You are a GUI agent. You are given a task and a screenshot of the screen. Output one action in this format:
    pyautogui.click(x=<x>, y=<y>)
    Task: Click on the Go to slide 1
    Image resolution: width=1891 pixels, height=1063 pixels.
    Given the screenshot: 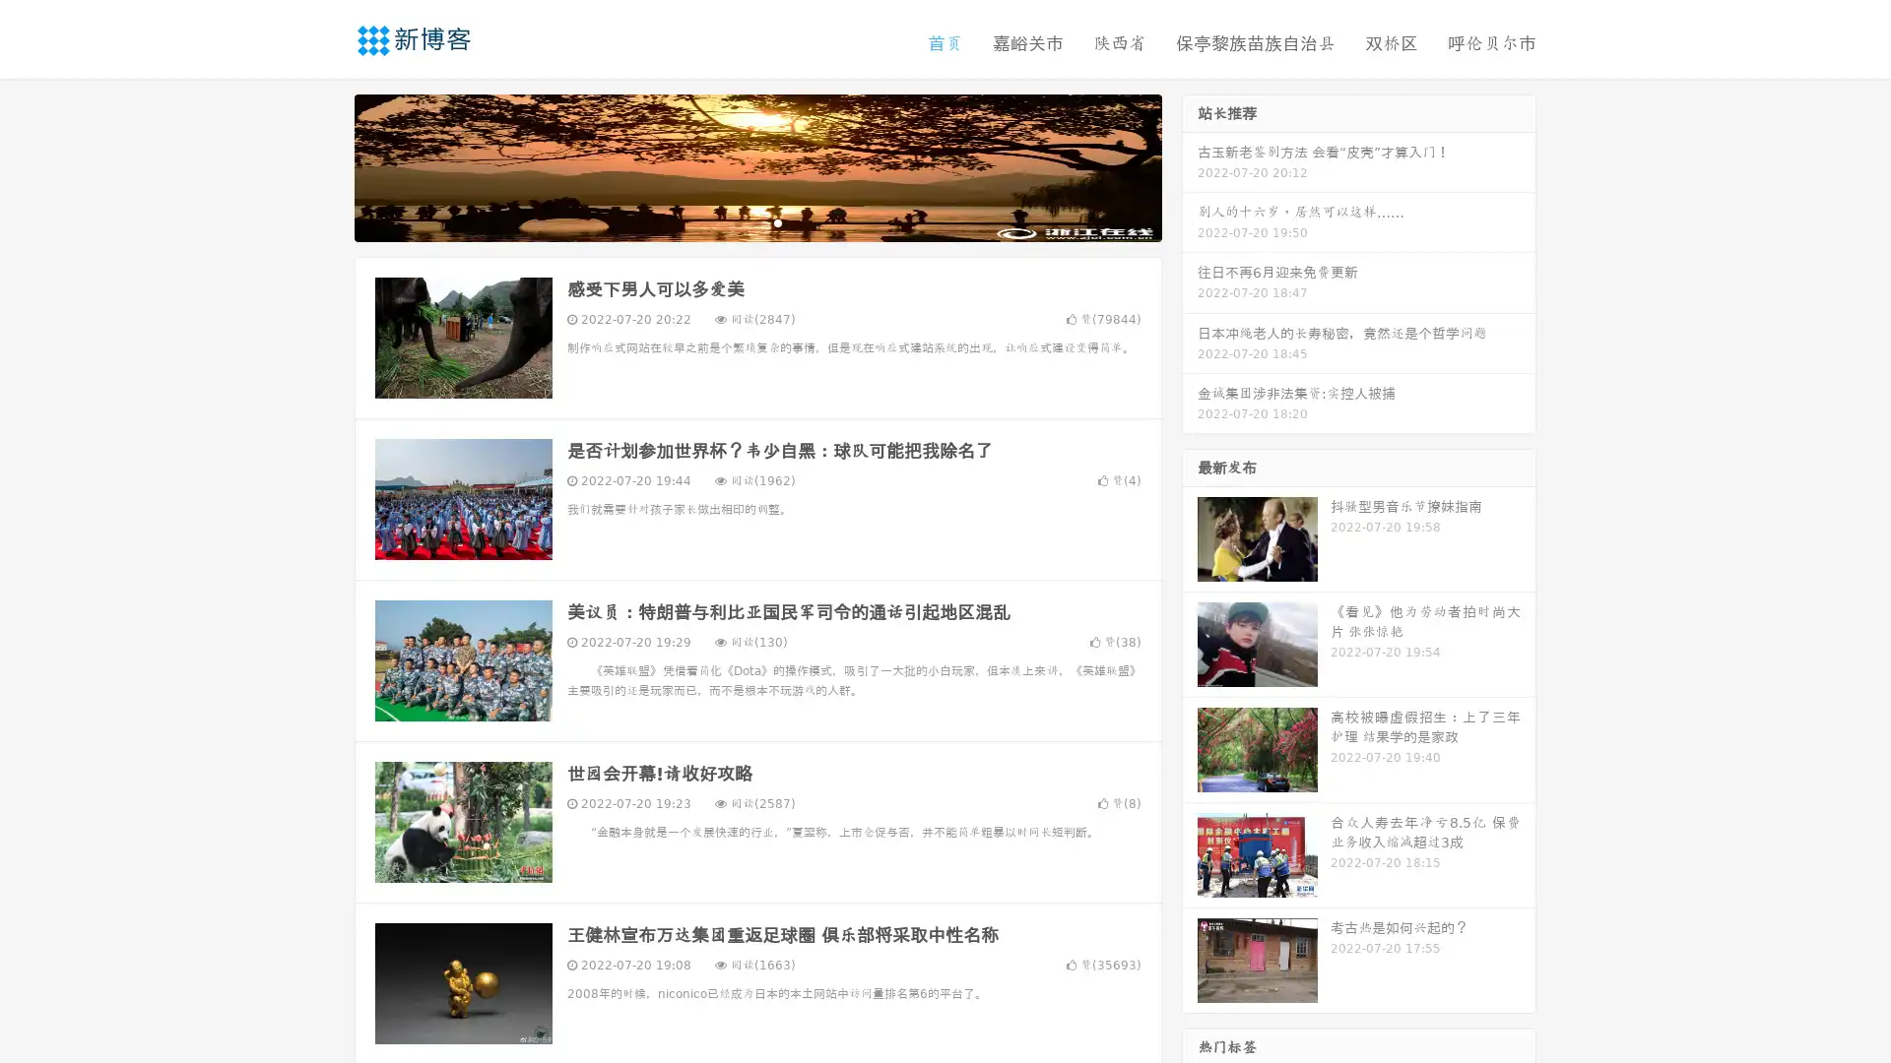 What is the action you would take?
    pyautogui.click(x=737, y=221)
    